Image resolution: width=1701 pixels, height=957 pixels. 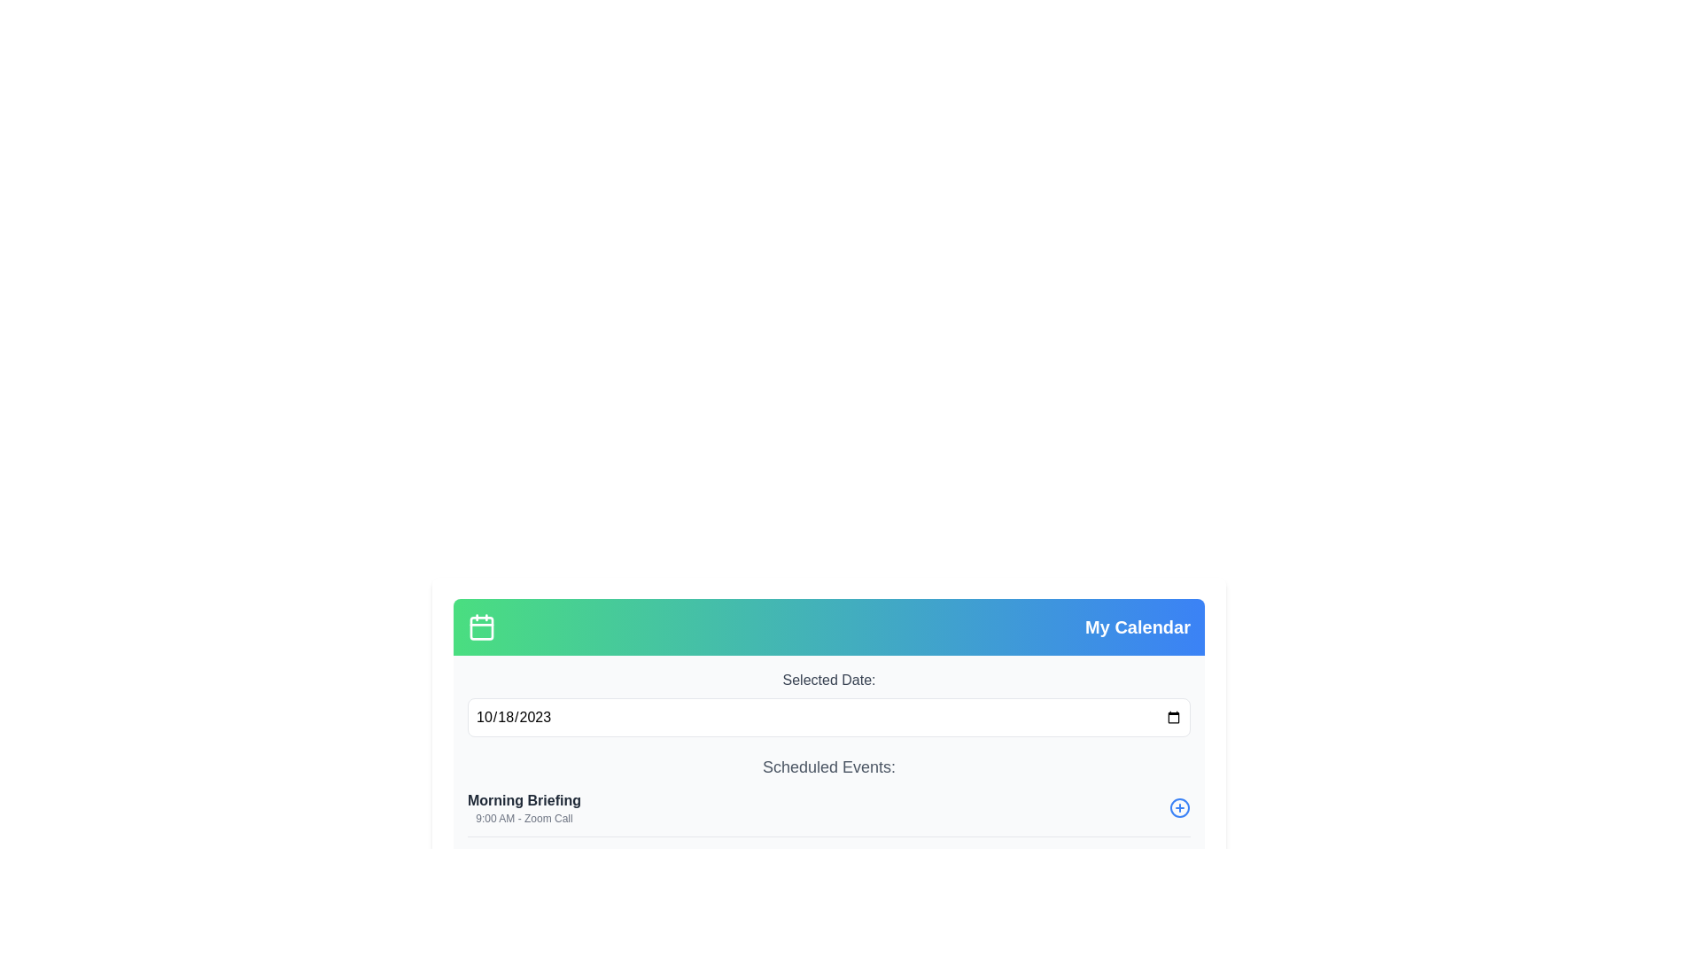 What do you see at coordinates (523, 807) in the screenshot?
I see `information provided in the 'Morning Briefing' text label, which includes the event title and time details` at bounding box center [523, 807].